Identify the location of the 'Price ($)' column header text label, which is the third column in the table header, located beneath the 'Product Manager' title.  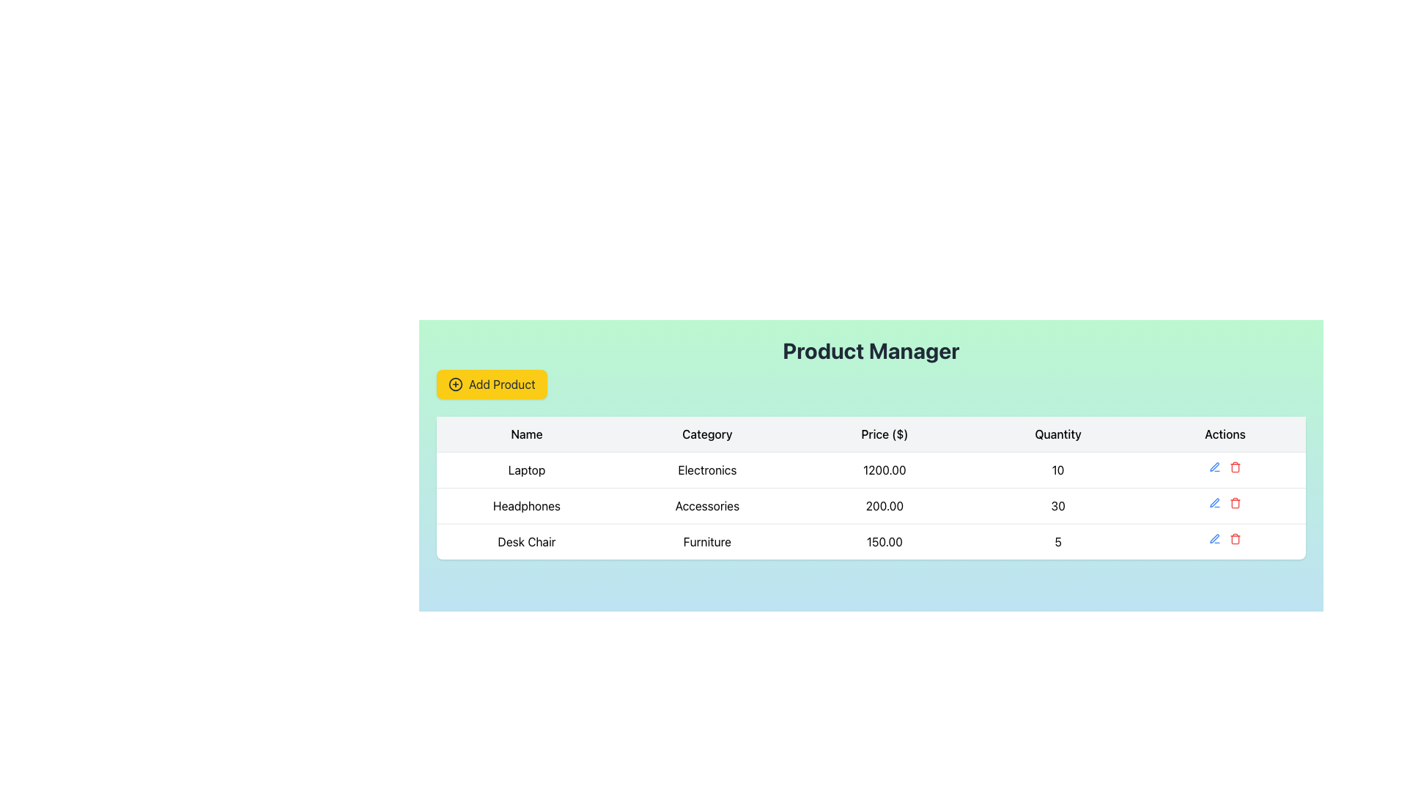
(884, 434).